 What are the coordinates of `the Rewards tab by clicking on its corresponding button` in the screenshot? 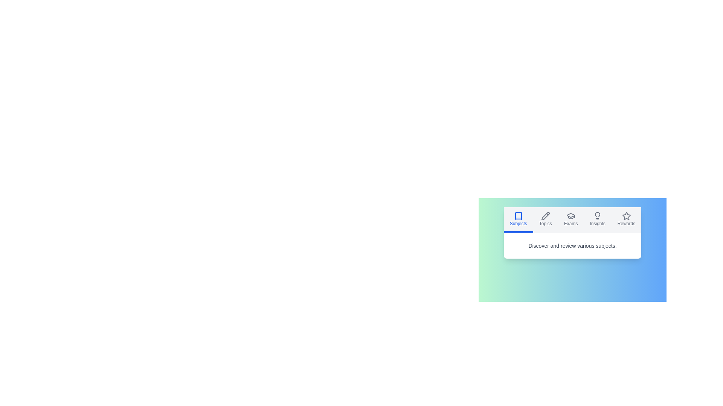 It's located at (626, 220).